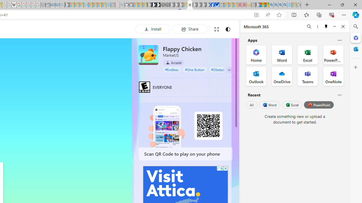 This screenshot has width=362, height=203. What do you see at coordinates (217, 5) in the screenshot?
I see `'AirNow.gov'` at bounding box center [217, 5].